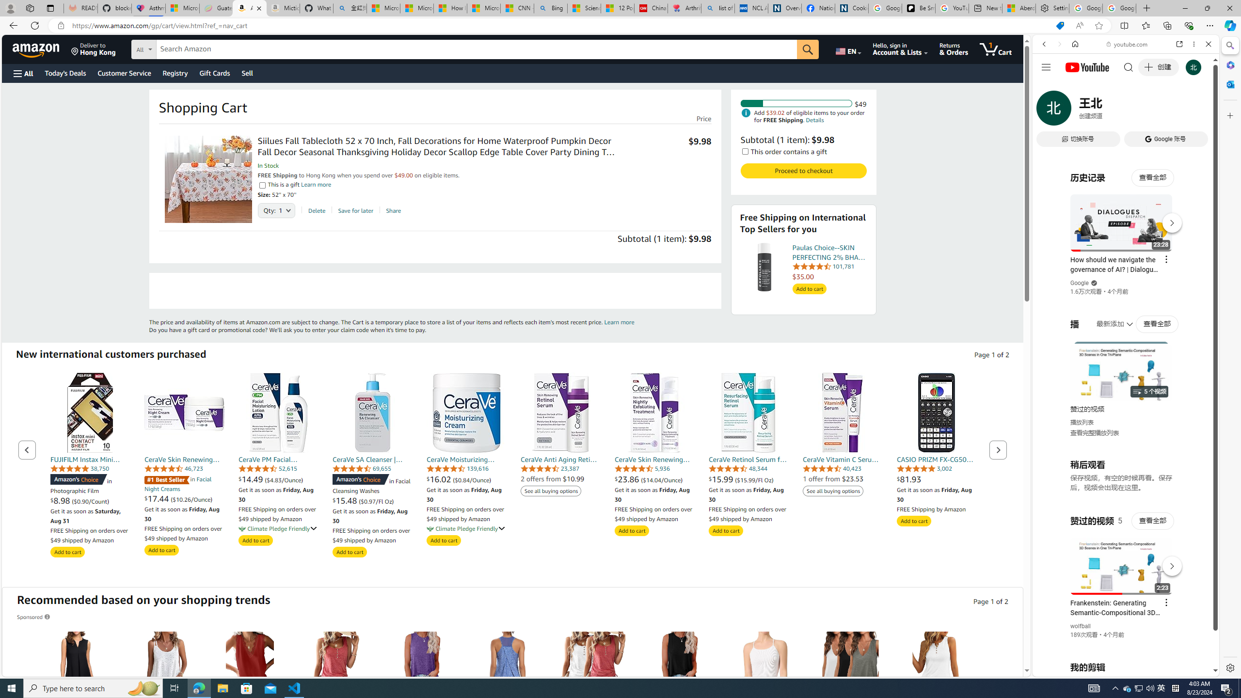 Image resolution: width=1241 pixels, height=698 pixels. What do you see at coordinates (553, 478) in the screenshot?
I see `'2 offers from $10.99'` at bounding box center [553, 478].